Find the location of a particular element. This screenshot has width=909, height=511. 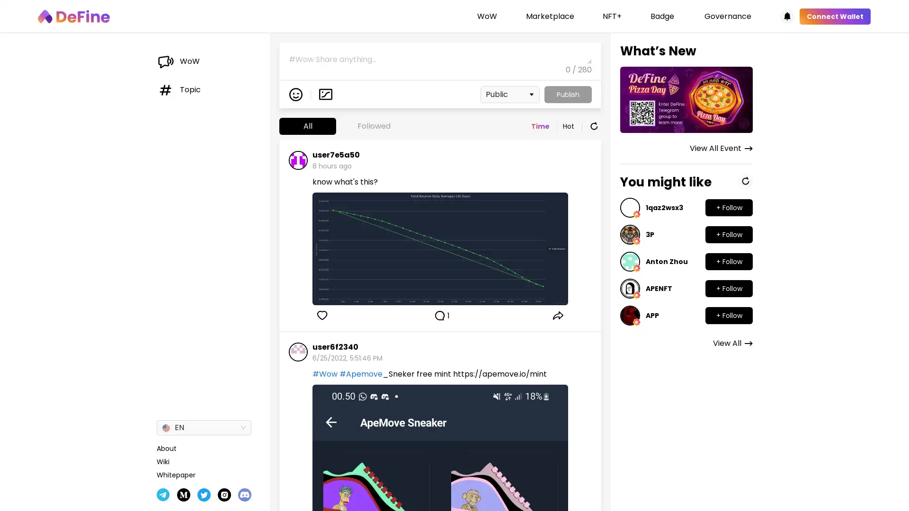

+ Follow is located at coordinates (729, 207).